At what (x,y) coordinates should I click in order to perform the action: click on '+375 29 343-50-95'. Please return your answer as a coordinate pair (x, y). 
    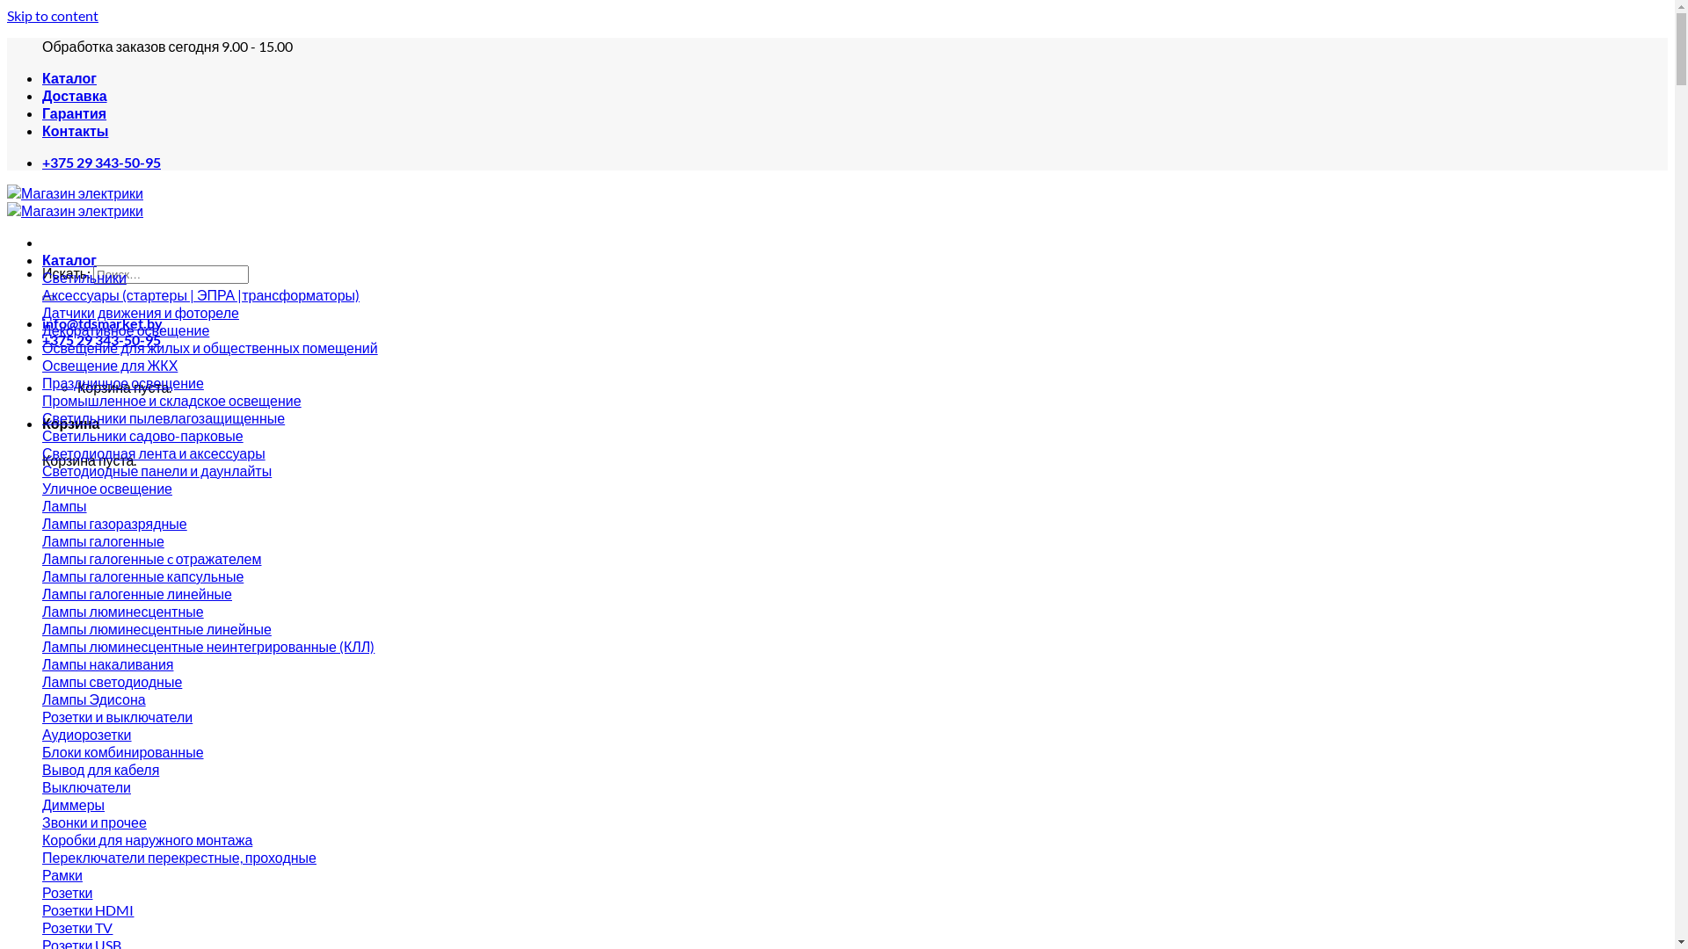
    Looking at the image, I should click on (100, 162).